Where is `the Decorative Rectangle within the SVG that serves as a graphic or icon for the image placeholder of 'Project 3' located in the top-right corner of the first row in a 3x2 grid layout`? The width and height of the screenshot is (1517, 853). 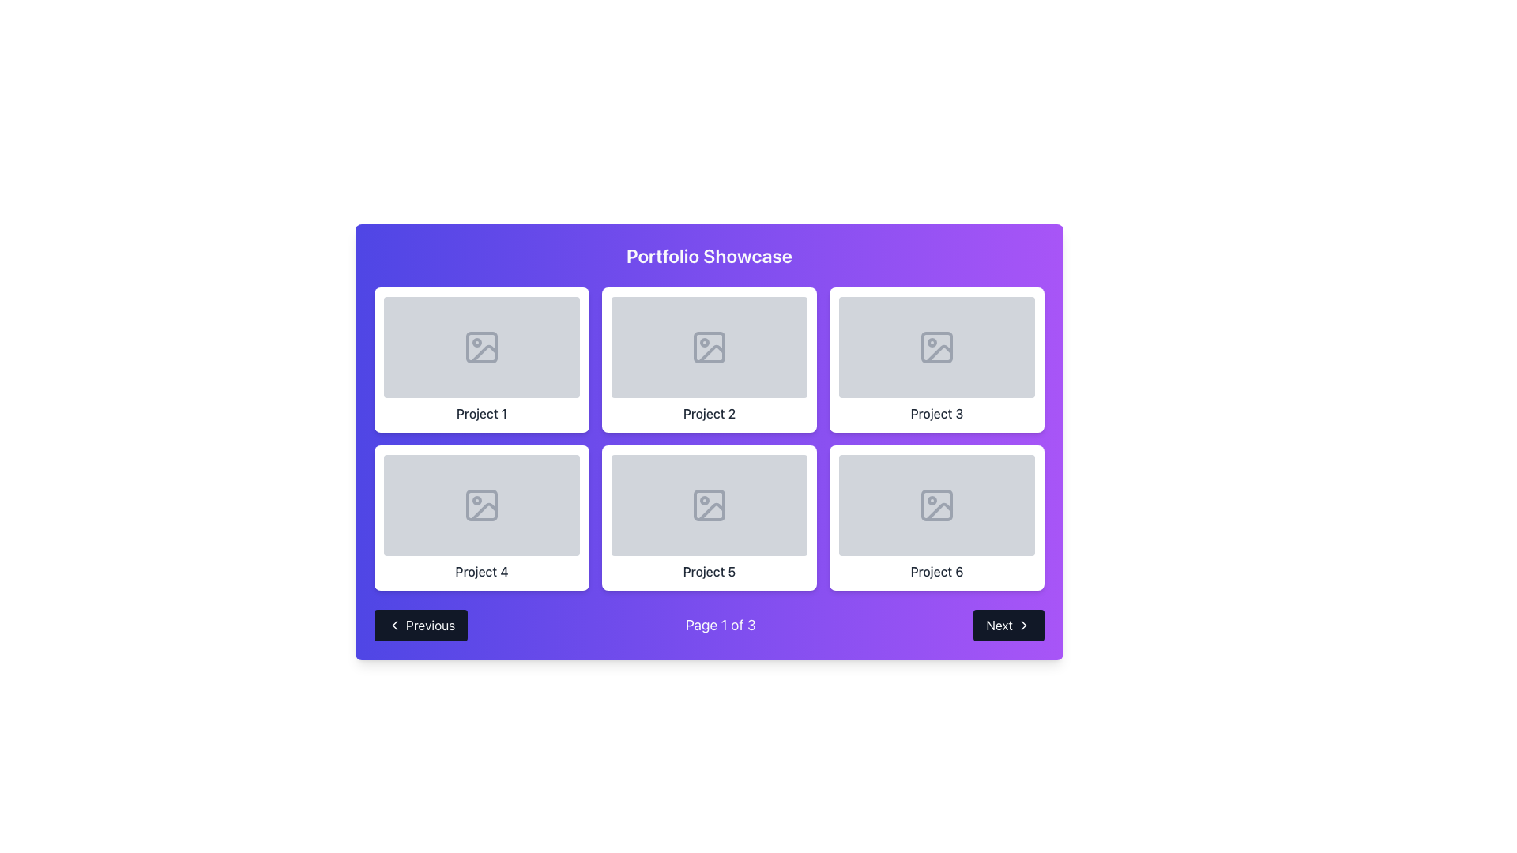
the Decorative Rectangle within the SVG that serves as a graphic or icon for the image placeholder of 'Project 3' located in the top-right corner of the first row in a 3x2 grid layout is located at coordinates (936, 346).